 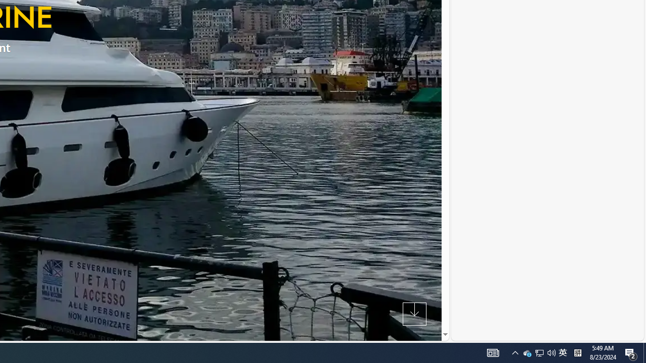 I want to click on 'Next Section', so click(x=414, y=313).